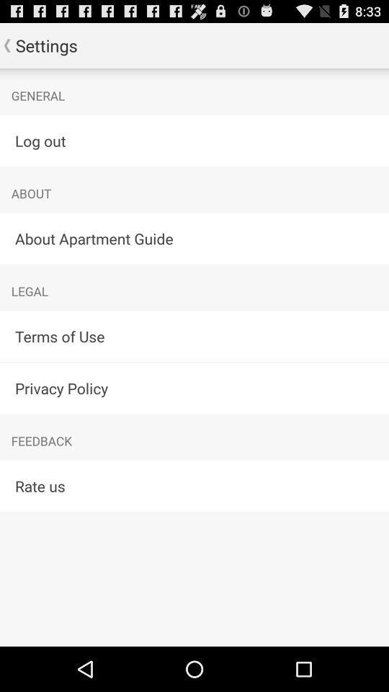 This screenshot has height=692, width=389. What do you see at coordinates (194, 486) in the screenshot?
I see `rate us at the bottom` at bounding box center [194, 486].